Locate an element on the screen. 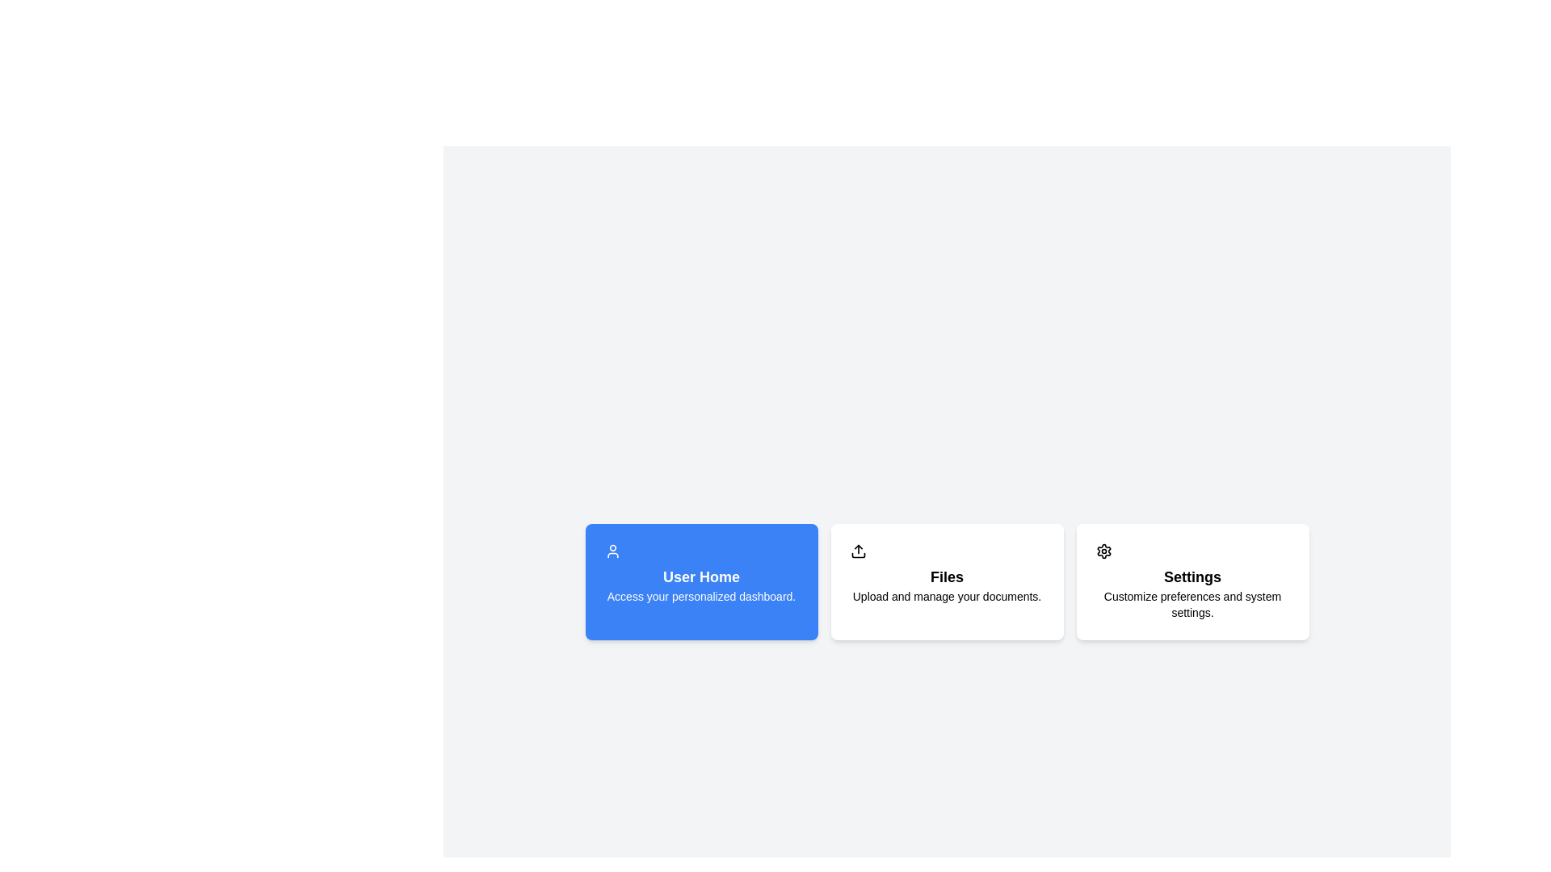 Image resolution: width=1551 pixels, height=872 pixels. the settings icon located in the top-left corner of the settings-related card, which visually indicates configuration tasks is located at coordinates (1103, 550).